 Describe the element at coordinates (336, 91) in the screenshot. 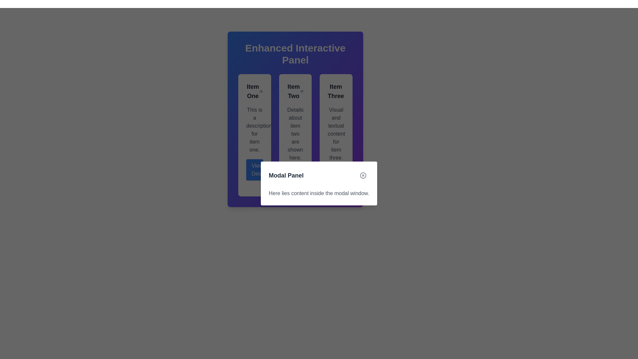

I see `the Text Label that serves as a section header in the right-most column under 'Enhanced Interactive Panel' labeled 'Item Three'` at that location.